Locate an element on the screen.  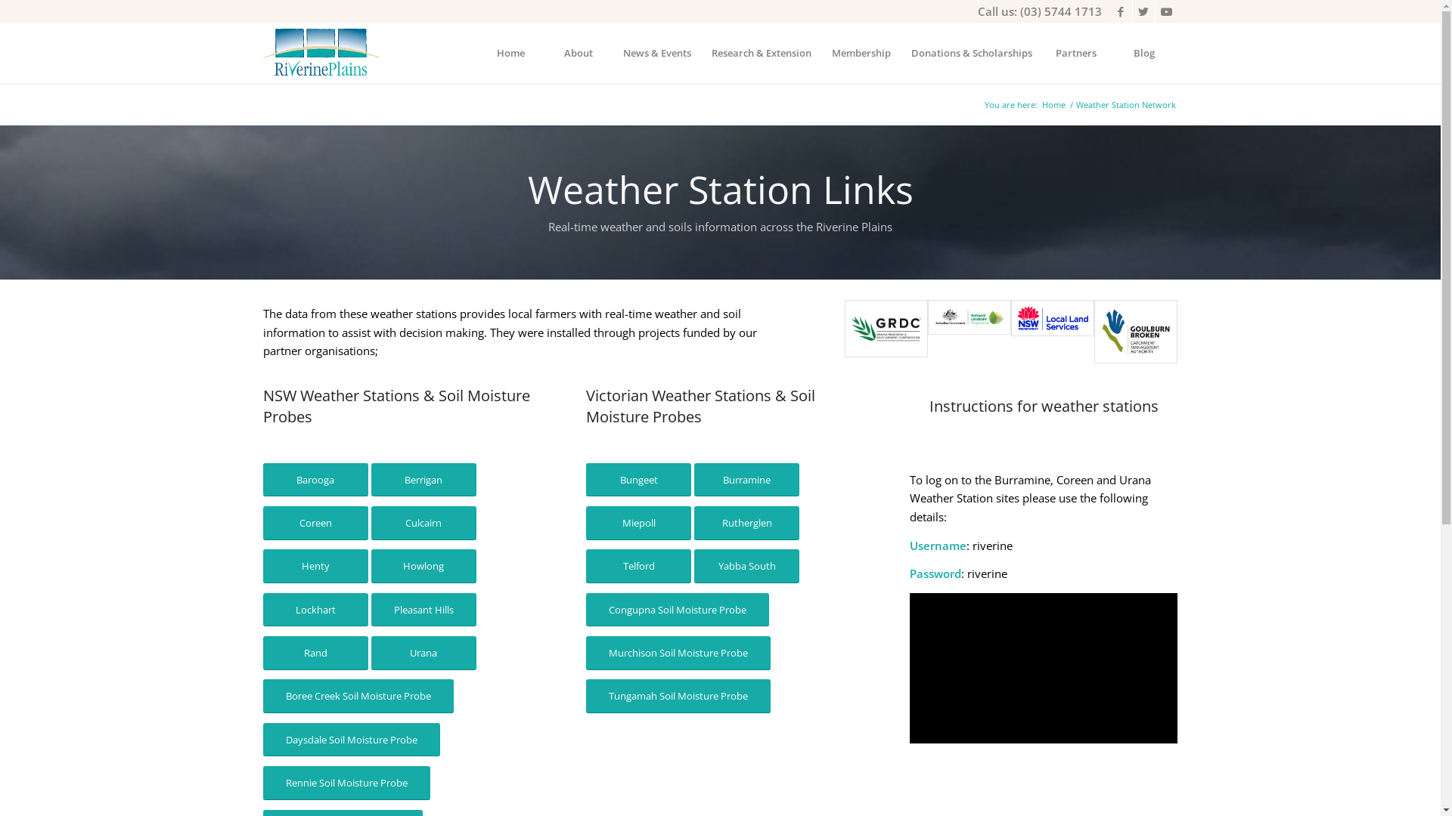
'Coreen' is located at coordinates (315, 522).